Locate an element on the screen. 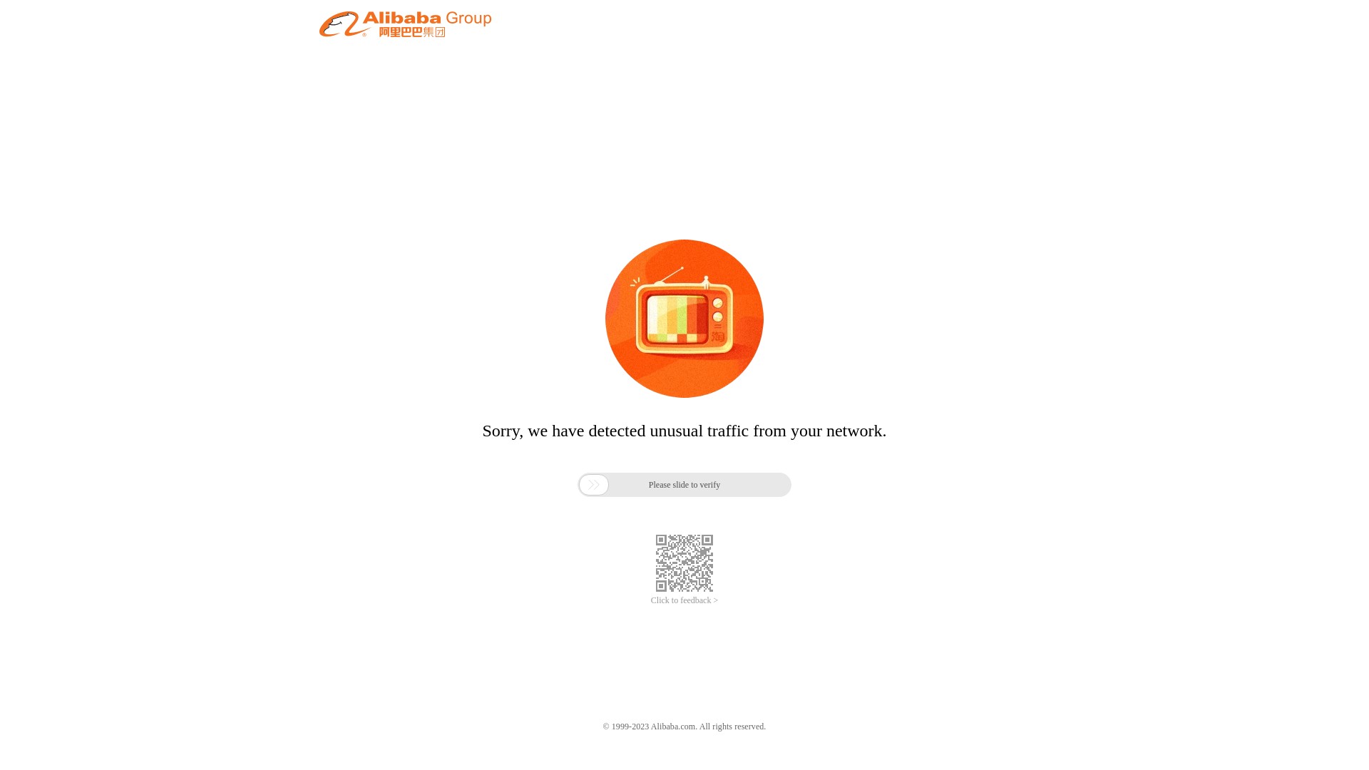 The width and height of the screenshot is (1369, 770). 'Click to feedback >' is located at coordinates (684, 600).